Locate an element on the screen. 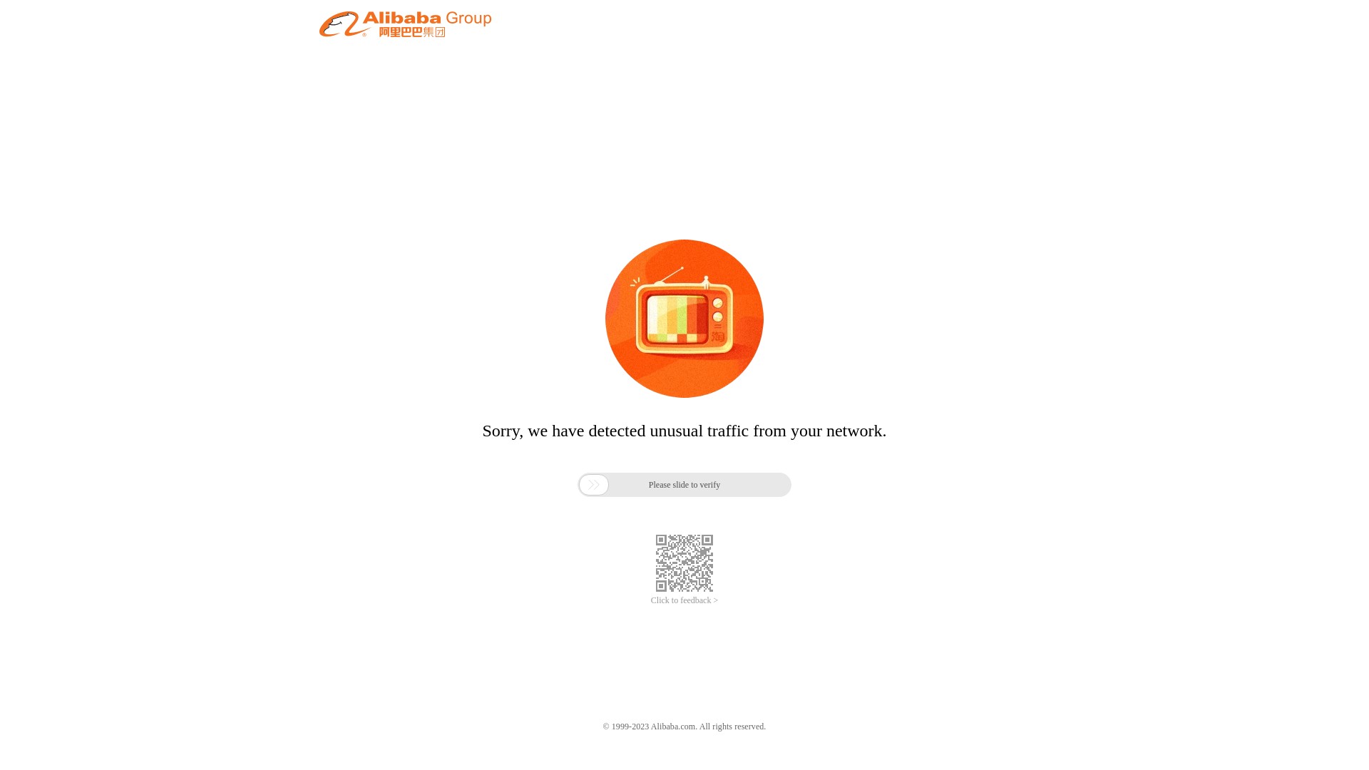 The width and height of the screenshot is (1369, 770). 'Click to feedback >' is located at coordinates (684, 600).